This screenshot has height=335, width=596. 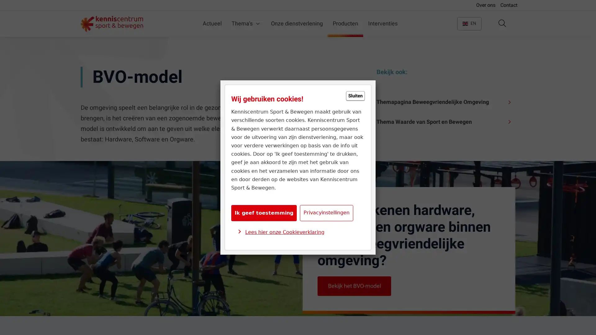 What do you see at coordinates (355, 96) in the screenshot?
I see `Sluiten` at bounding box center [355, 96].